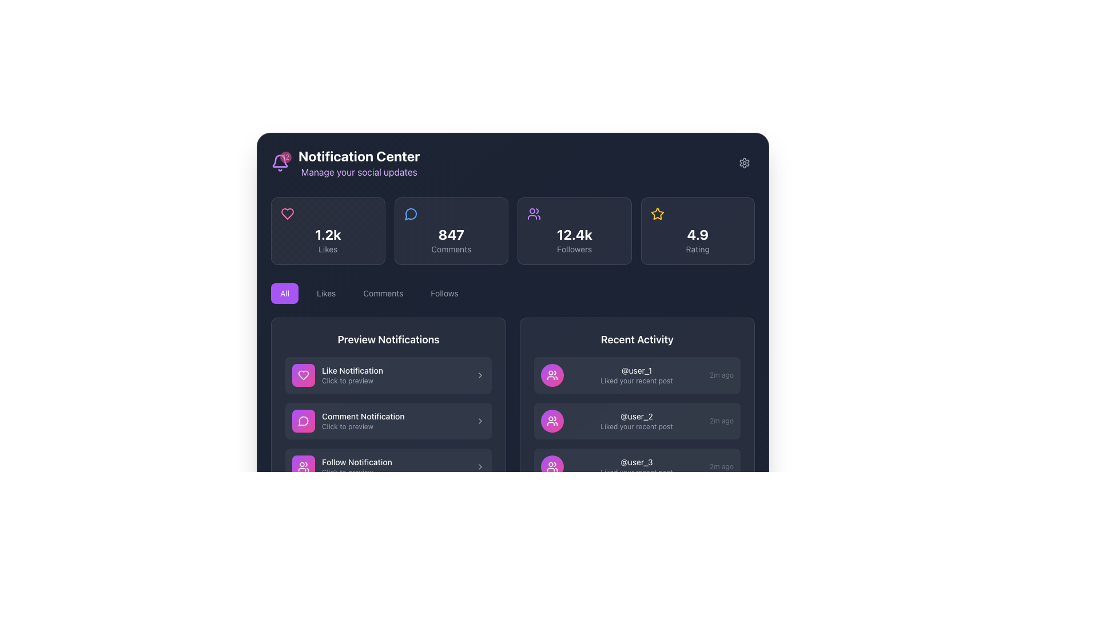 Image resolution: width=1098 pixels, height=618 pixels. I want to click on the 'Recent Activity' header text located in the right-hand column of the page, styled in white, bold font, positioned above user activity entries, so click(636, 339).